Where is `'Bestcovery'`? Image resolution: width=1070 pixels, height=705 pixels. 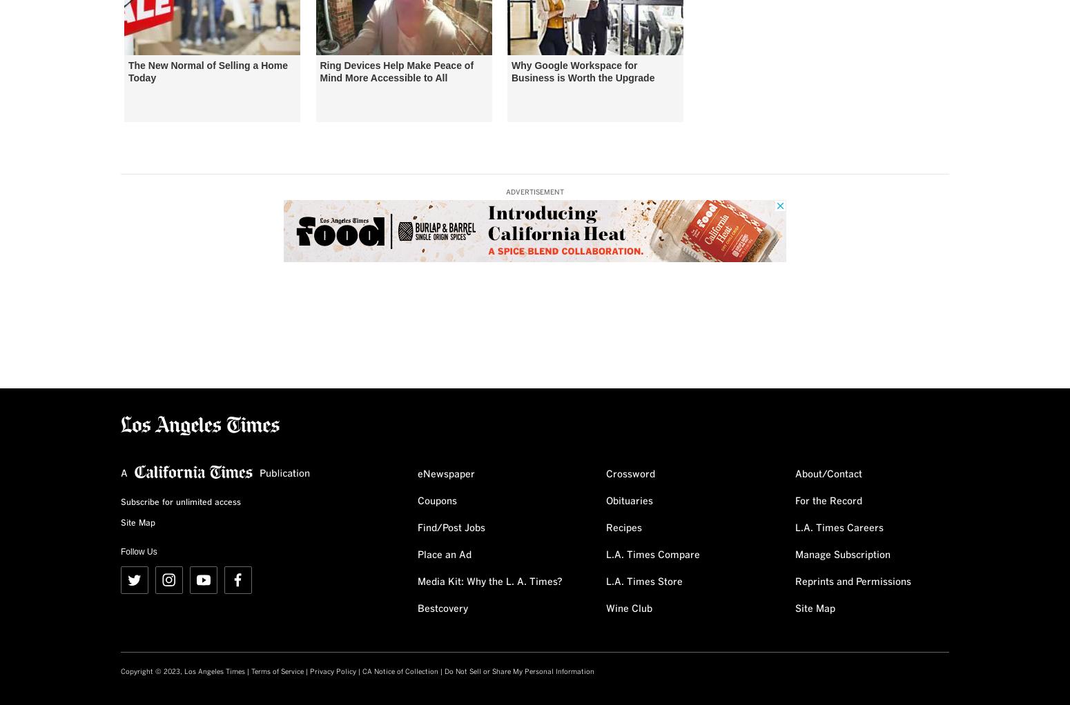
'Bestcovery' is located at coordinates (442, 608).